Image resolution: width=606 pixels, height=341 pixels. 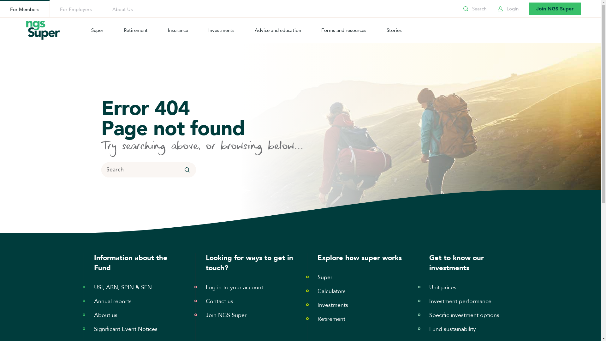 I want to click on 'Calculators', so click(x=331, y=291).